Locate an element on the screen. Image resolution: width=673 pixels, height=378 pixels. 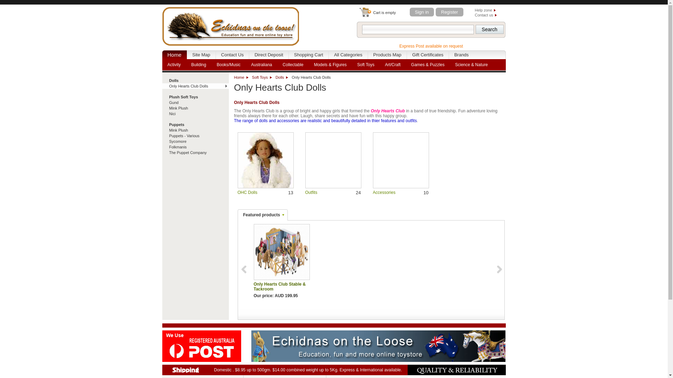
'Site Map' is located at coordinates (201, 54).